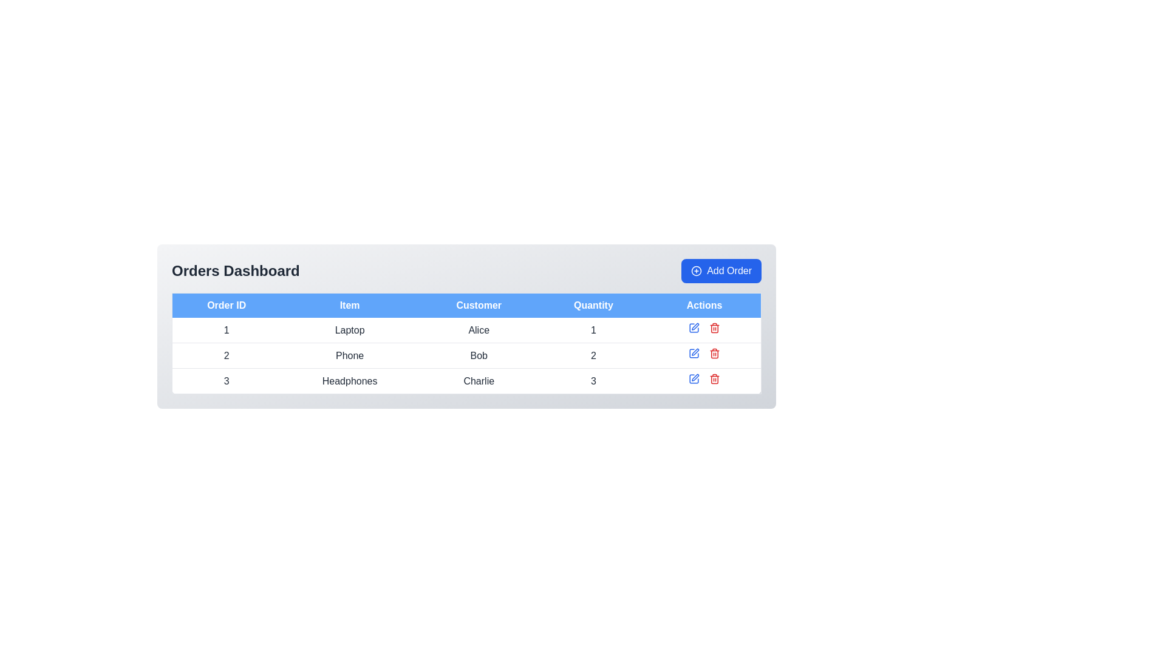 The height and width of the screenshot is (655, 1166). Describe the element at coordinates (478, 304) in the screenshot. I see `the table header label with the text 'Customer', which is styled with a blue background and white text, located between 'Item' and 'Quantity' in the table` at that location.